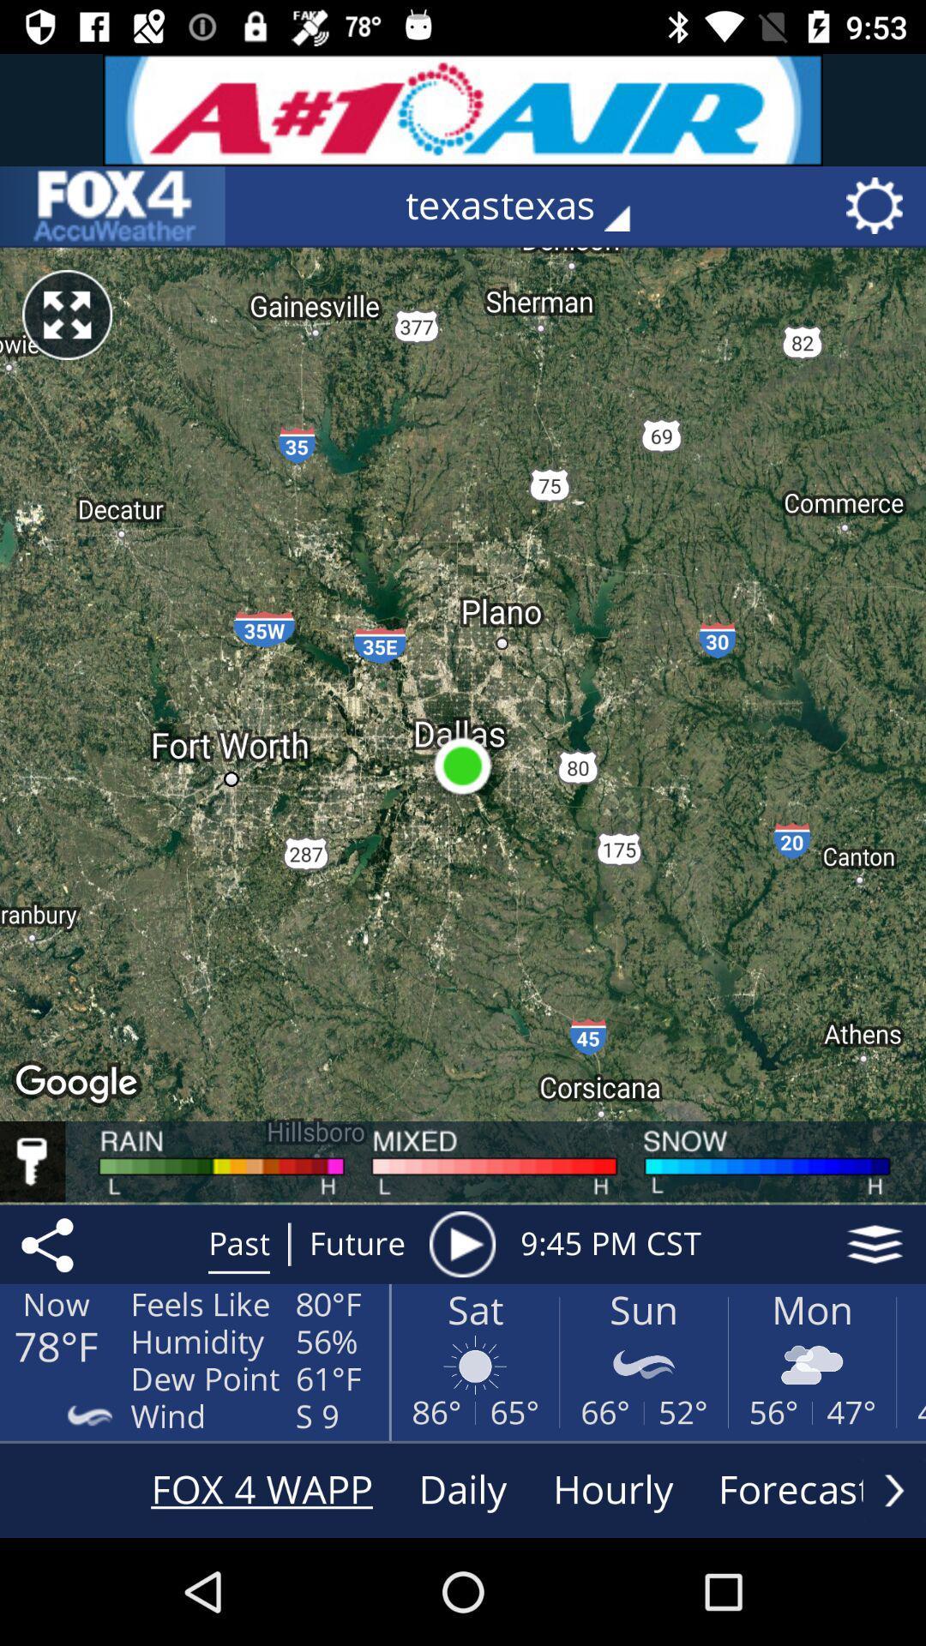 This screenshot has height=1646, width=926. I want to click on home page tab, so click(112, 206).